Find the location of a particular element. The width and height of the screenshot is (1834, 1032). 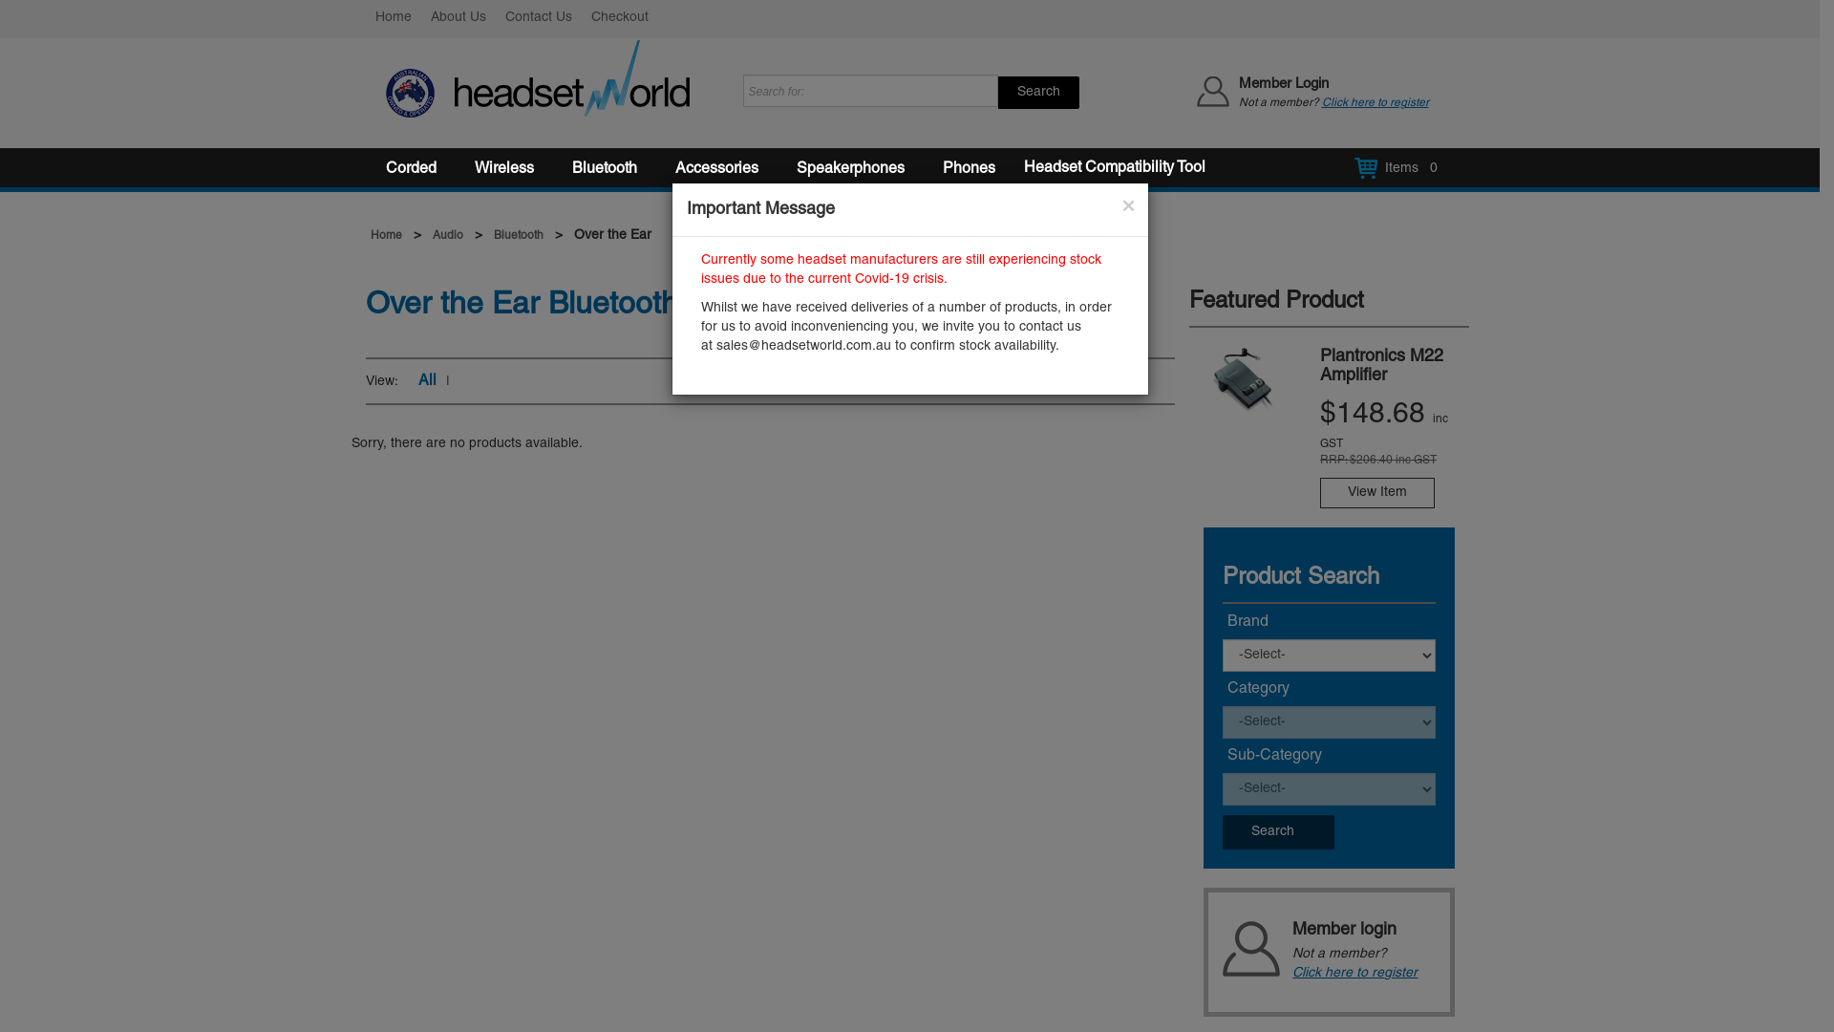

'View Item' is located at coordinates (1376, 492).